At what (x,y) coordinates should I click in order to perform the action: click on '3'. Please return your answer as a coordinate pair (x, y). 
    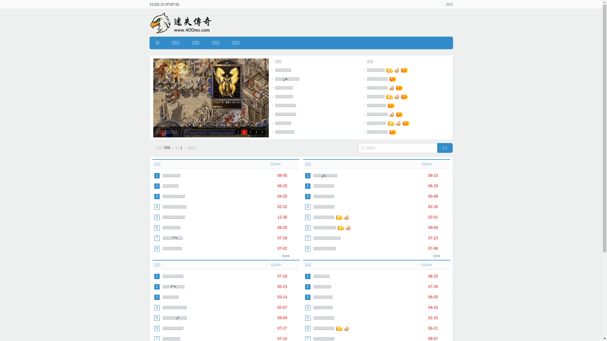
    Looking at the image, I should click on (250, 132).